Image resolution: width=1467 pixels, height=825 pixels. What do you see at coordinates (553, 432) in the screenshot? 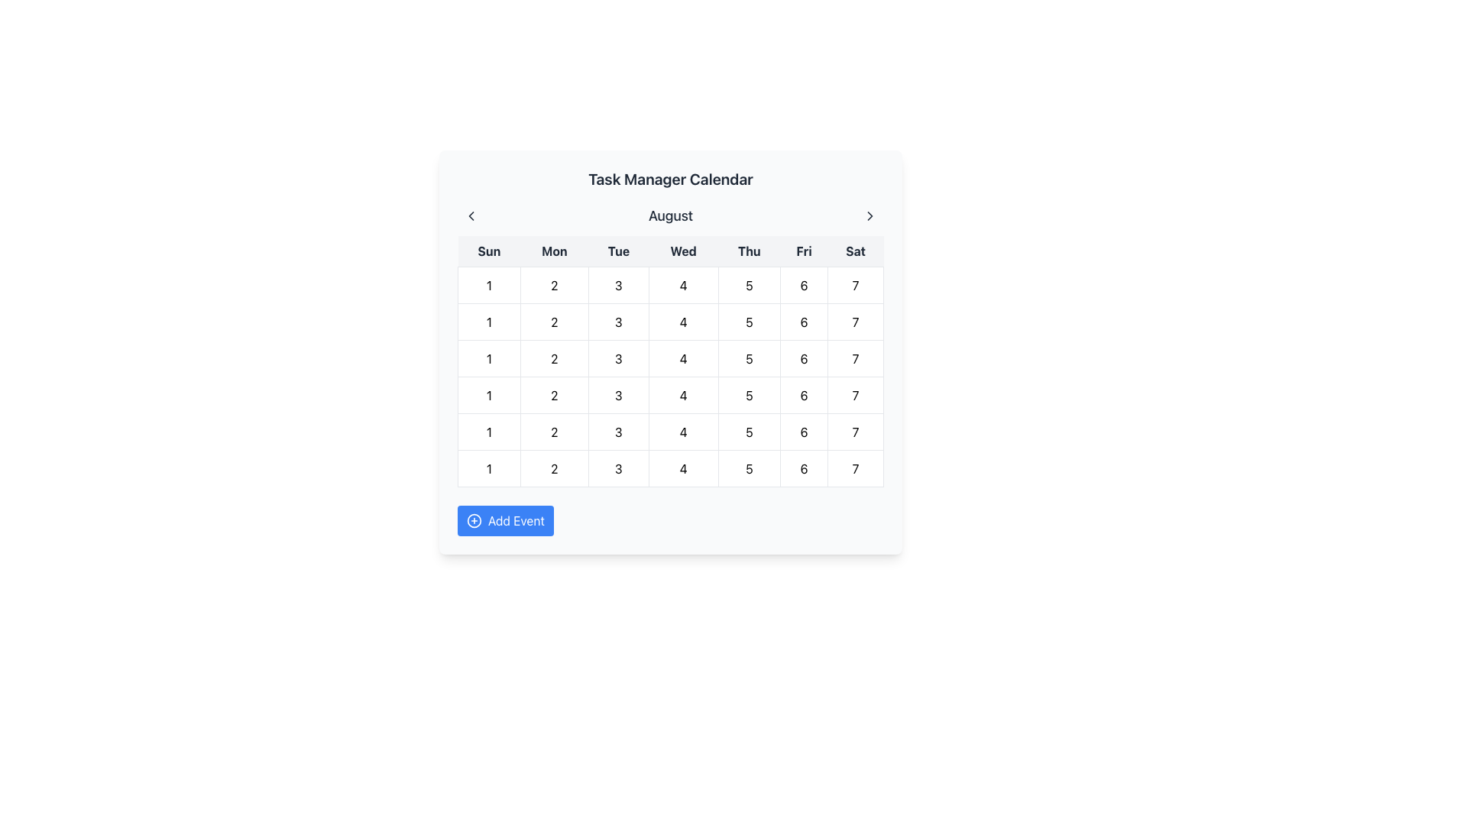
I see `the calendar date '2' in the second column under 'Mon' and fourth row` at bounding box center [553, 432].